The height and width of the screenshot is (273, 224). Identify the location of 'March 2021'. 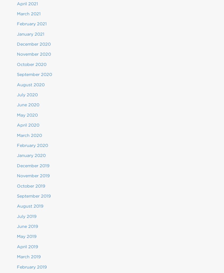
(28, 13).